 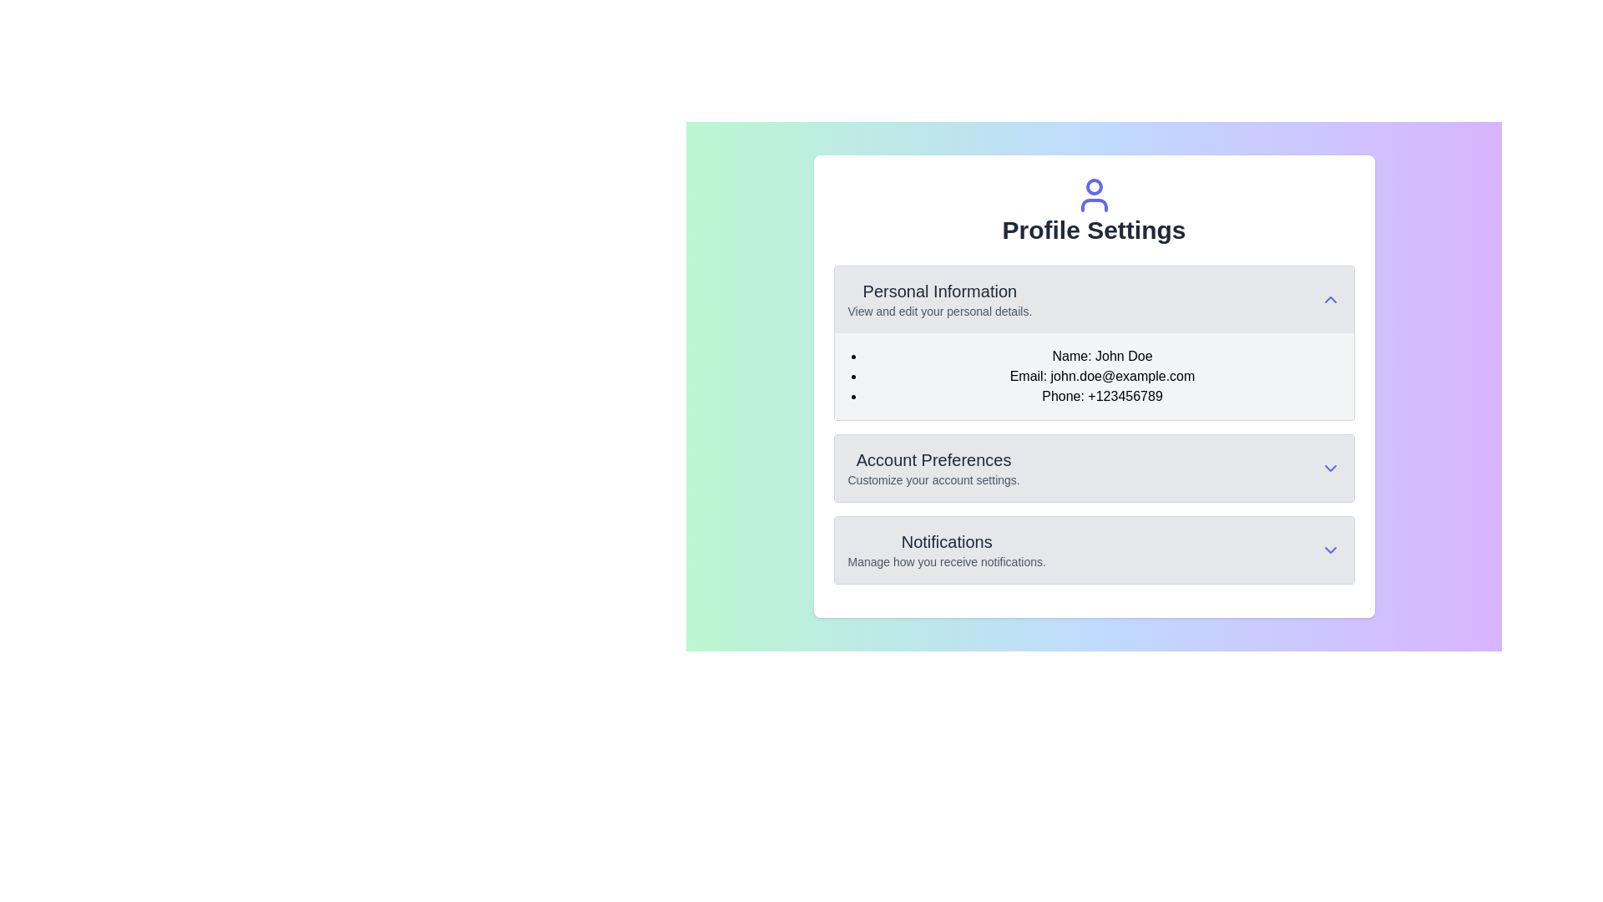 What do you see at coordinates (1102, 396) in the screenshot?
I see `the static text element displaying 'Phone: +123456789' in the 'Personal Information' section of the 'Profile Settings' page, which is the third item in the bulleted list` at bounding box center [1102, 396].